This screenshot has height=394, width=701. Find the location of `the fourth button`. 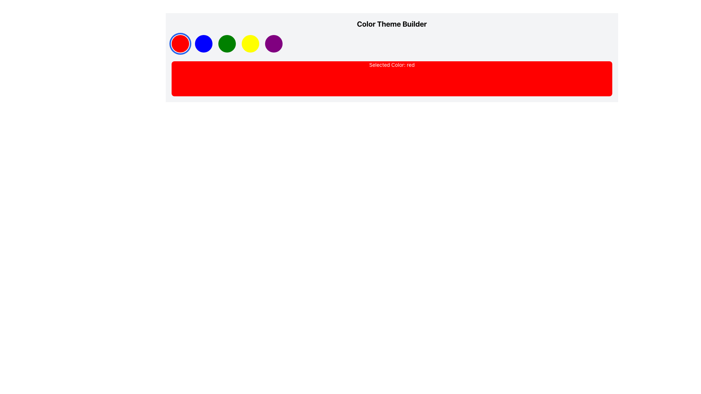

the fourth button is located at coordinates (250, 43).